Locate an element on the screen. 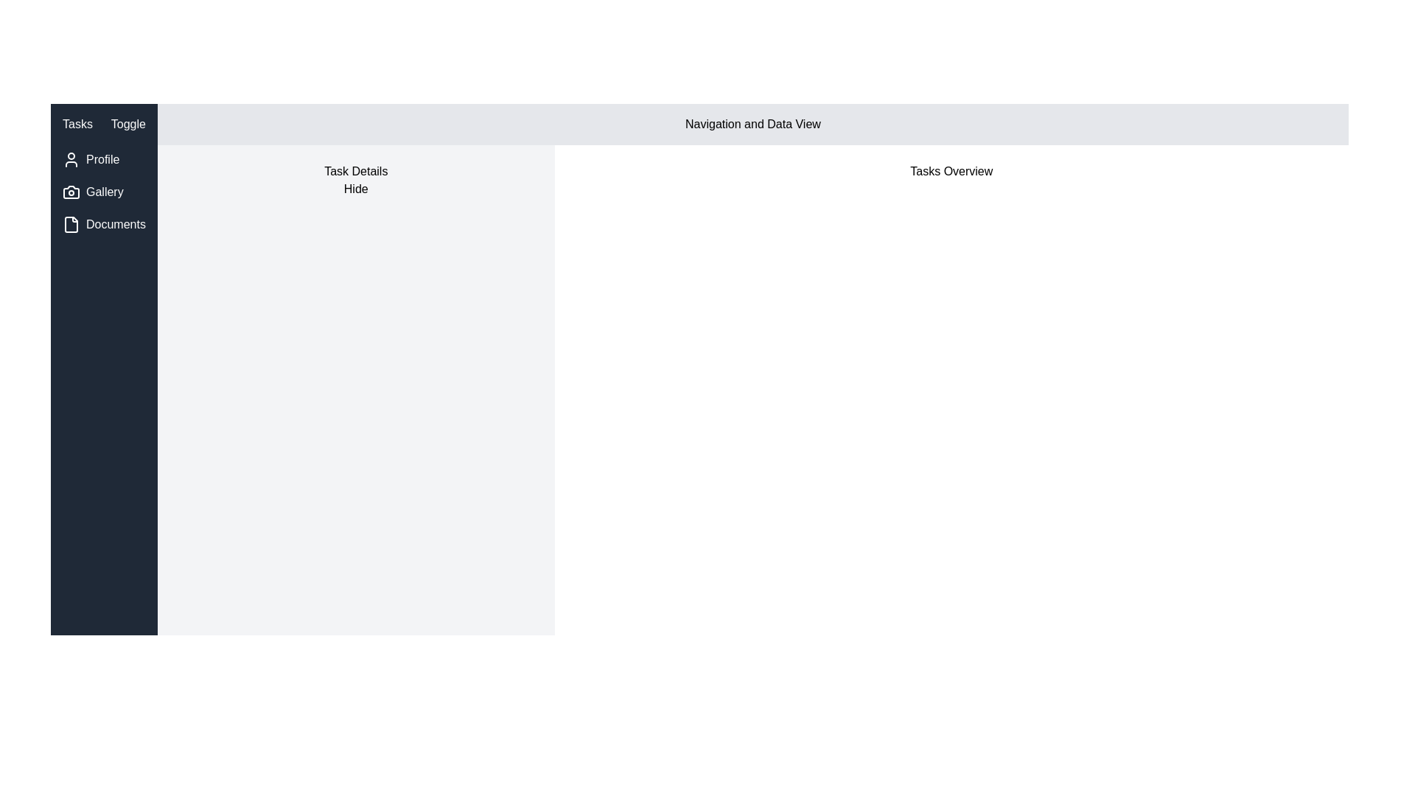 Image resolution: width=1415 pixels, height=796 pixels. the third item in the vertically stacked navigation menu is located at coordinates (103, 224).